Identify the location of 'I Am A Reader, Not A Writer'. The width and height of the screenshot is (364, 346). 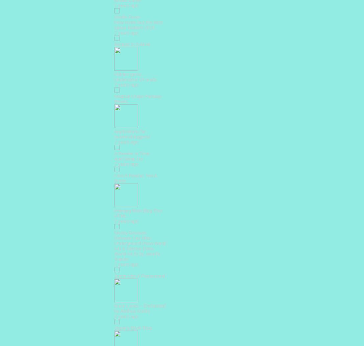
(135, 178).